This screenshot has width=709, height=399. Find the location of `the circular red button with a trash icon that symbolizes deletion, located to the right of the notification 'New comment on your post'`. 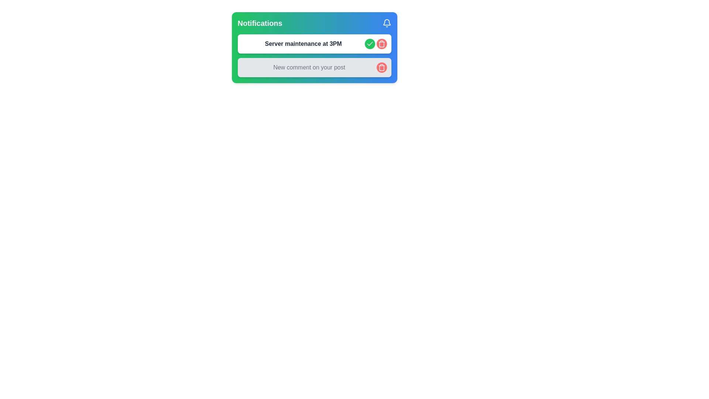

the circular red button with a trash icon that symbolizes deletion, located to the right of the notification 'New comment on your post' is located at coordinates (381, 67).